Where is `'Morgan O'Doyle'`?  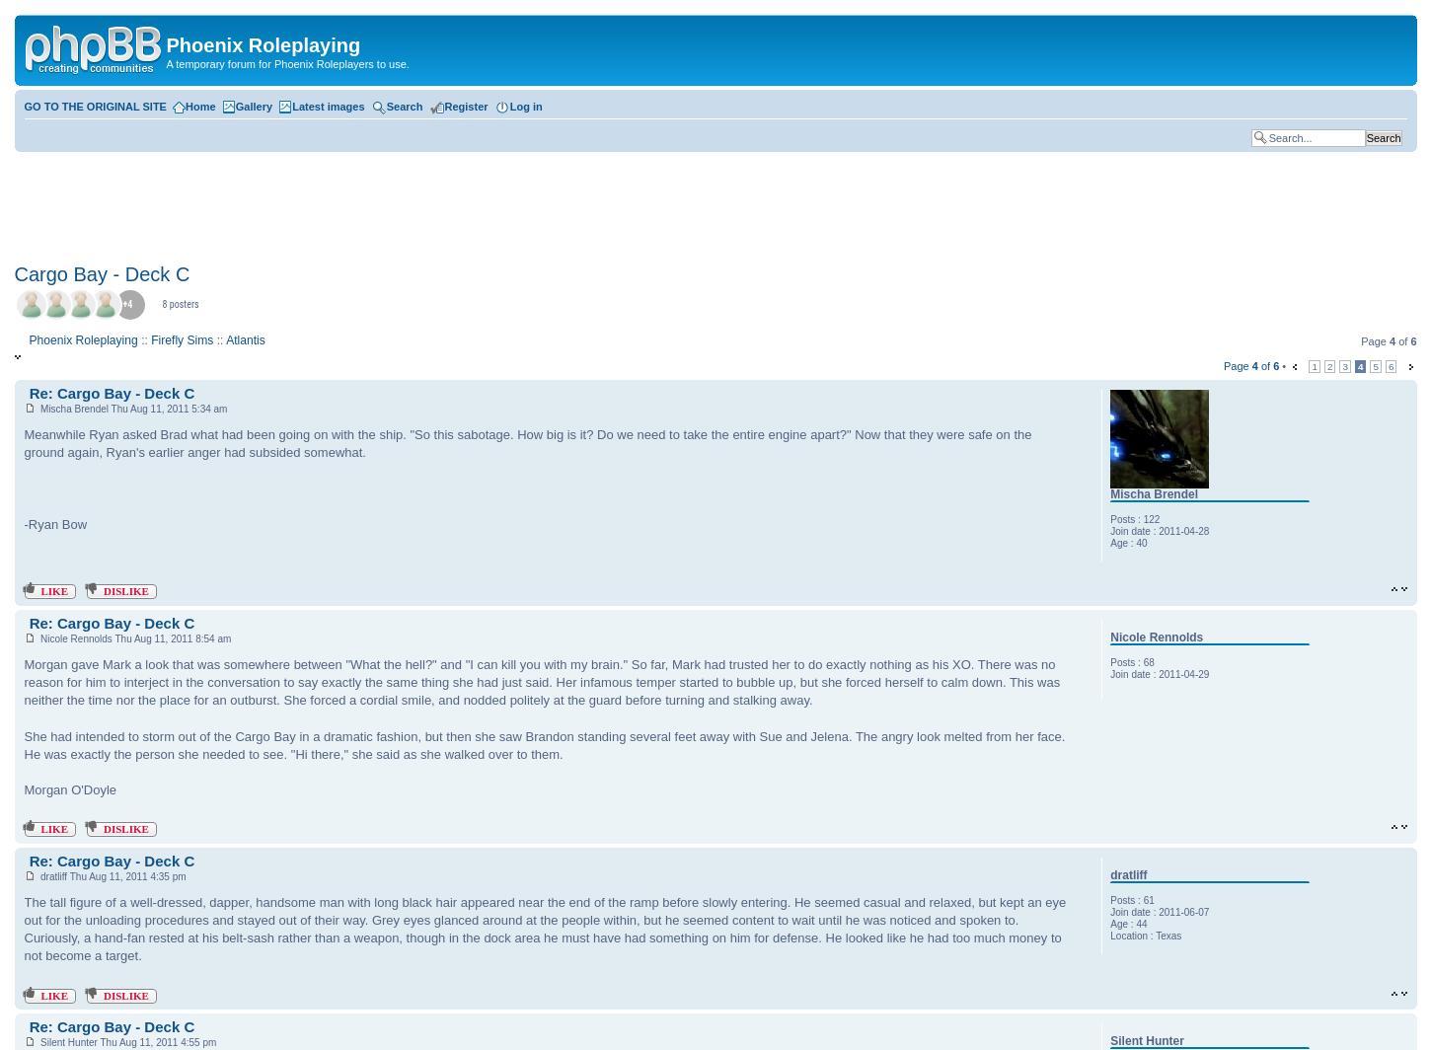
'Morgan O'Doyle' is located at coordinates (70, 789).